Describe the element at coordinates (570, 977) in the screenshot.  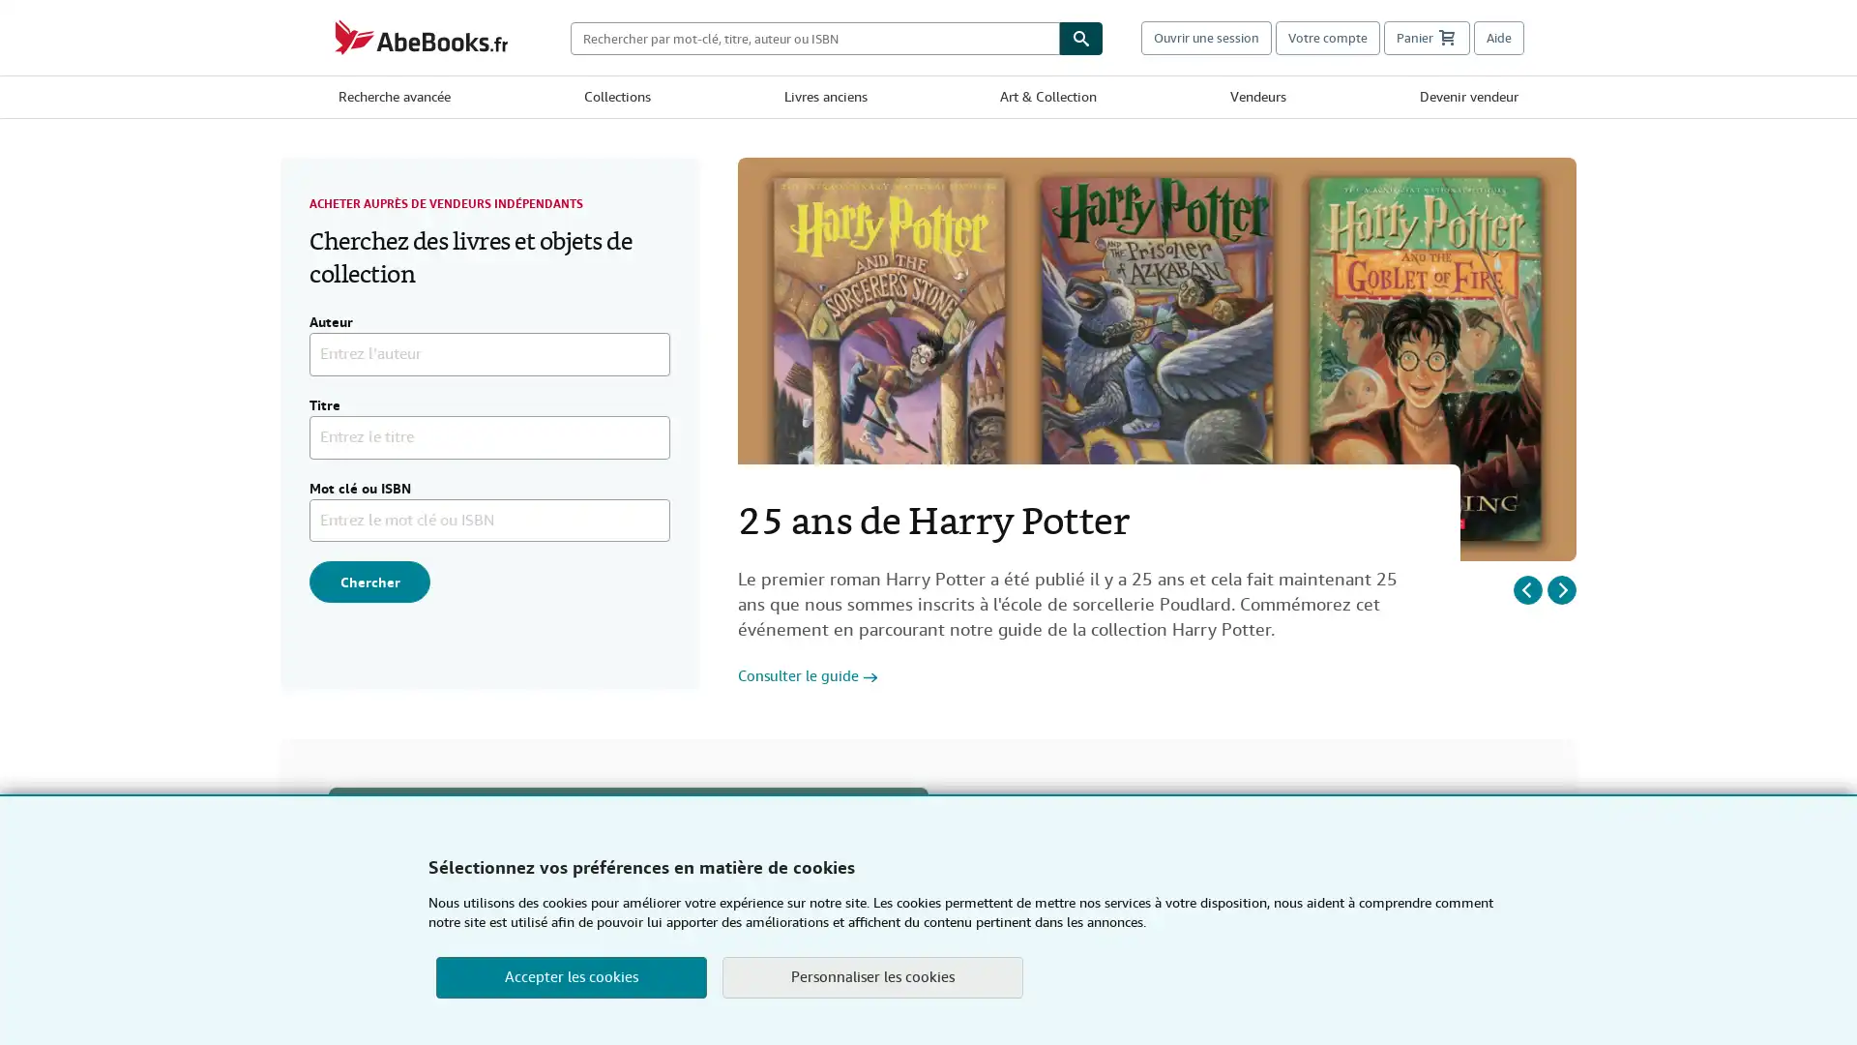
I see `Accepter les cookies` at that location.